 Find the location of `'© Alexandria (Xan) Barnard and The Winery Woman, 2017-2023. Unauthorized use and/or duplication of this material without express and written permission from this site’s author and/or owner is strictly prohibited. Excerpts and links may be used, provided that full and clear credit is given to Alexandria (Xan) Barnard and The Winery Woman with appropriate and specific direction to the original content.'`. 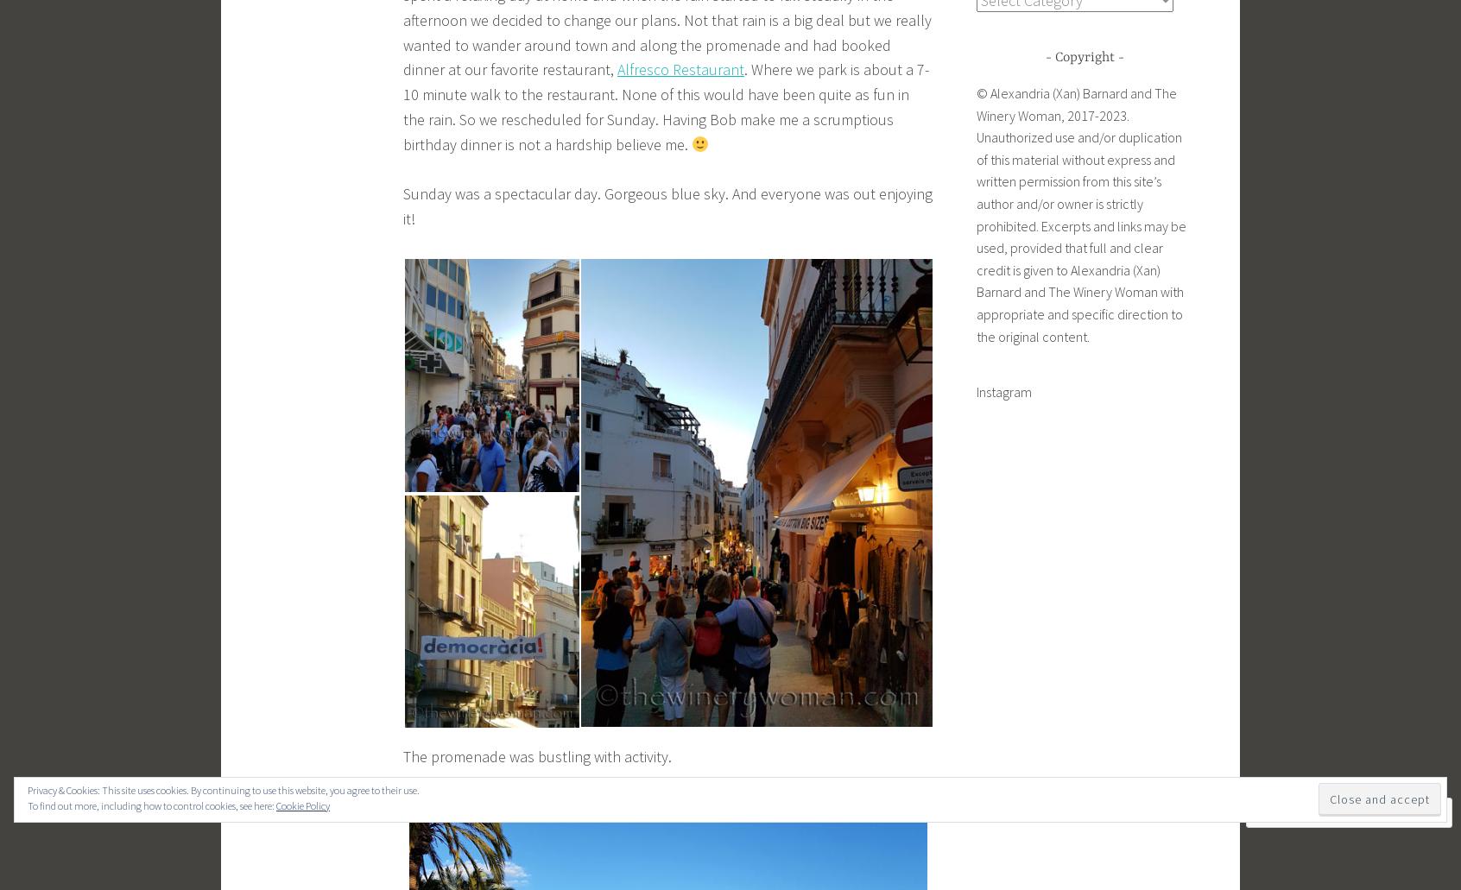

'© Alexandria (Xan) Barnard and The Winery Woman, 2017-2023. Unauthorized use and/or duplication of this material without express and written permission from this site’s author and/or owner is strictly prohibited. Excerpts and links may be used, provided that full and clear credit is given to Alexandria (Xan) Barnard and The Winery Woman with appropriate and specific direction to the original content.' is located at coordinates (1081, 214).